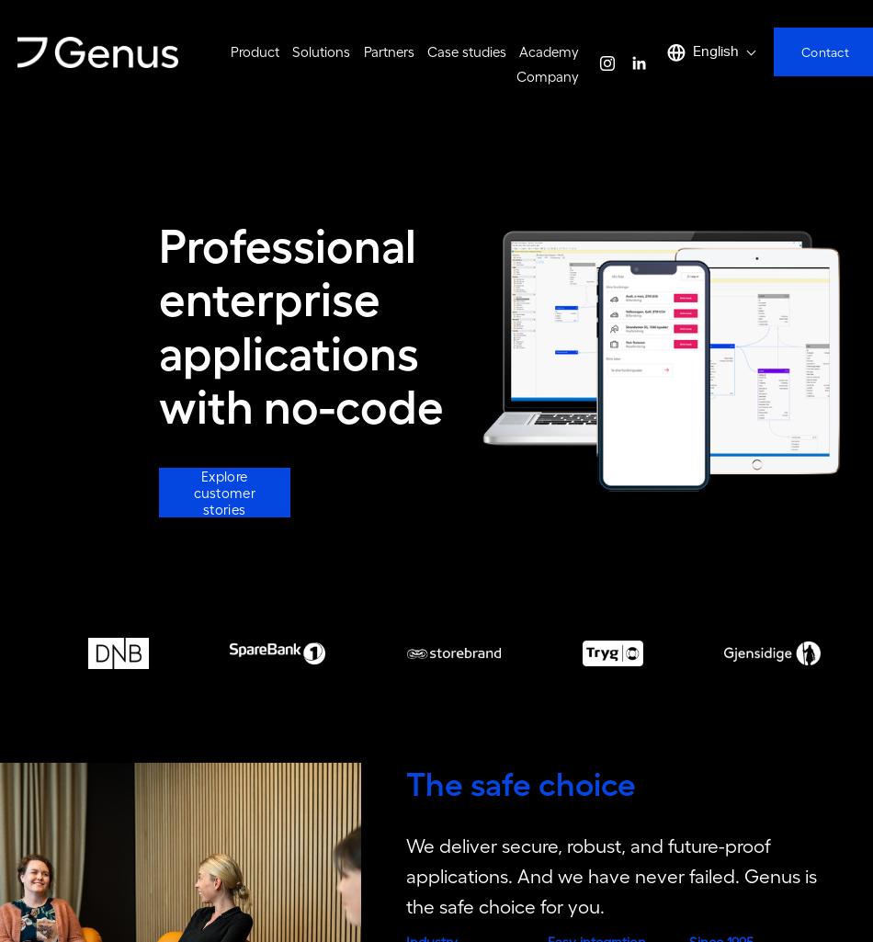  Describe the element at coordinates (520, 788) in the screenshot. I see `'The safe choice'` at that location.